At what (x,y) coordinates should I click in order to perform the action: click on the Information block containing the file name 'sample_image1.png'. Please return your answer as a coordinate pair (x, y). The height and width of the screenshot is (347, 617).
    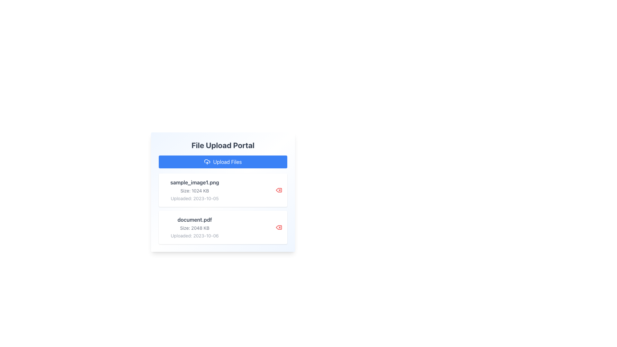
    Looking at the image, I should click on (194, 190).